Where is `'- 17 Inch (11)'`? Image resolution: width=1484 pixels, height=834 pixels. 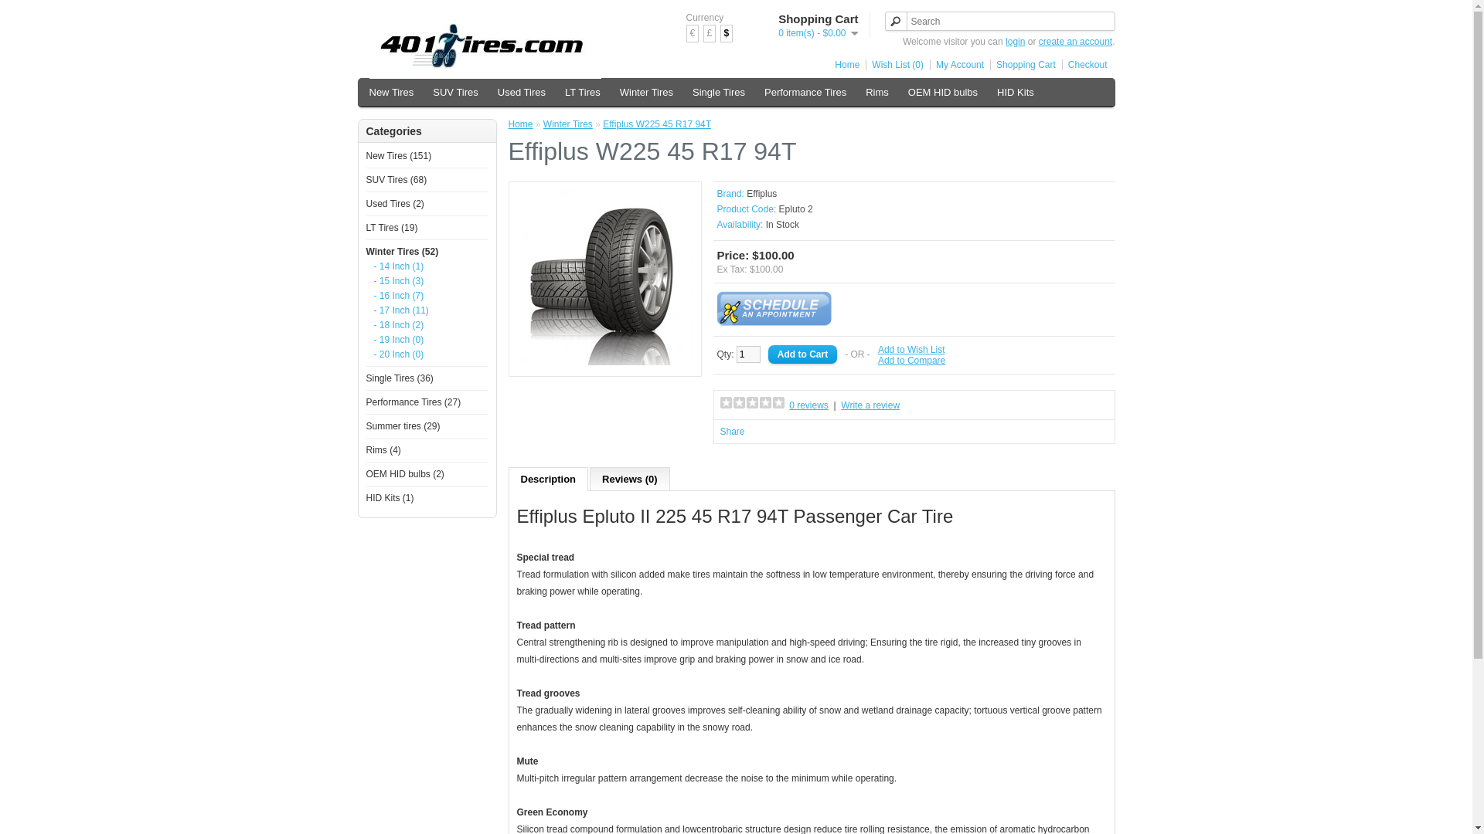 '- 17 Inch (11)' is located at coordinates (426, 310).